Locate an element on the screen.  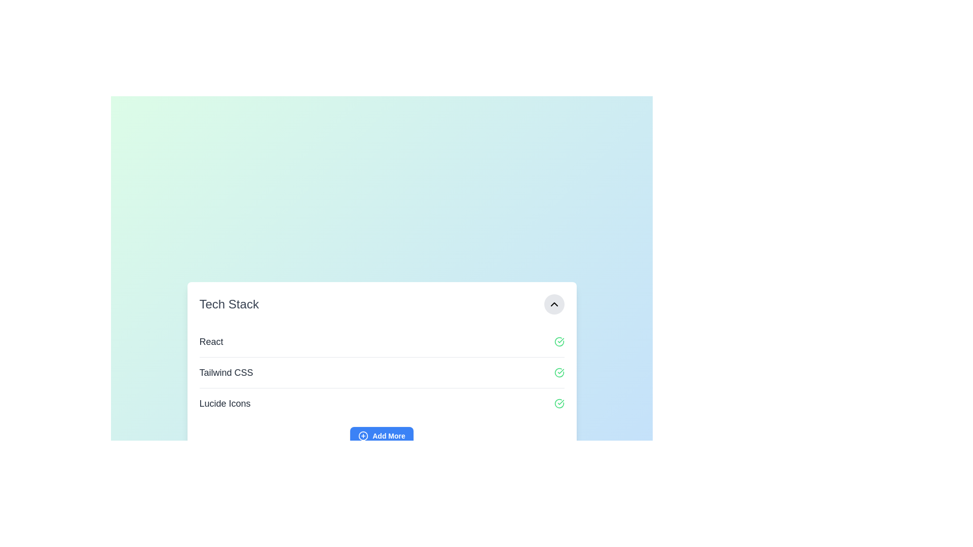
the upward-pointing chevron icon located at the top-right corner of the 'Tech Stack' section is located at coordinates (553, 304).